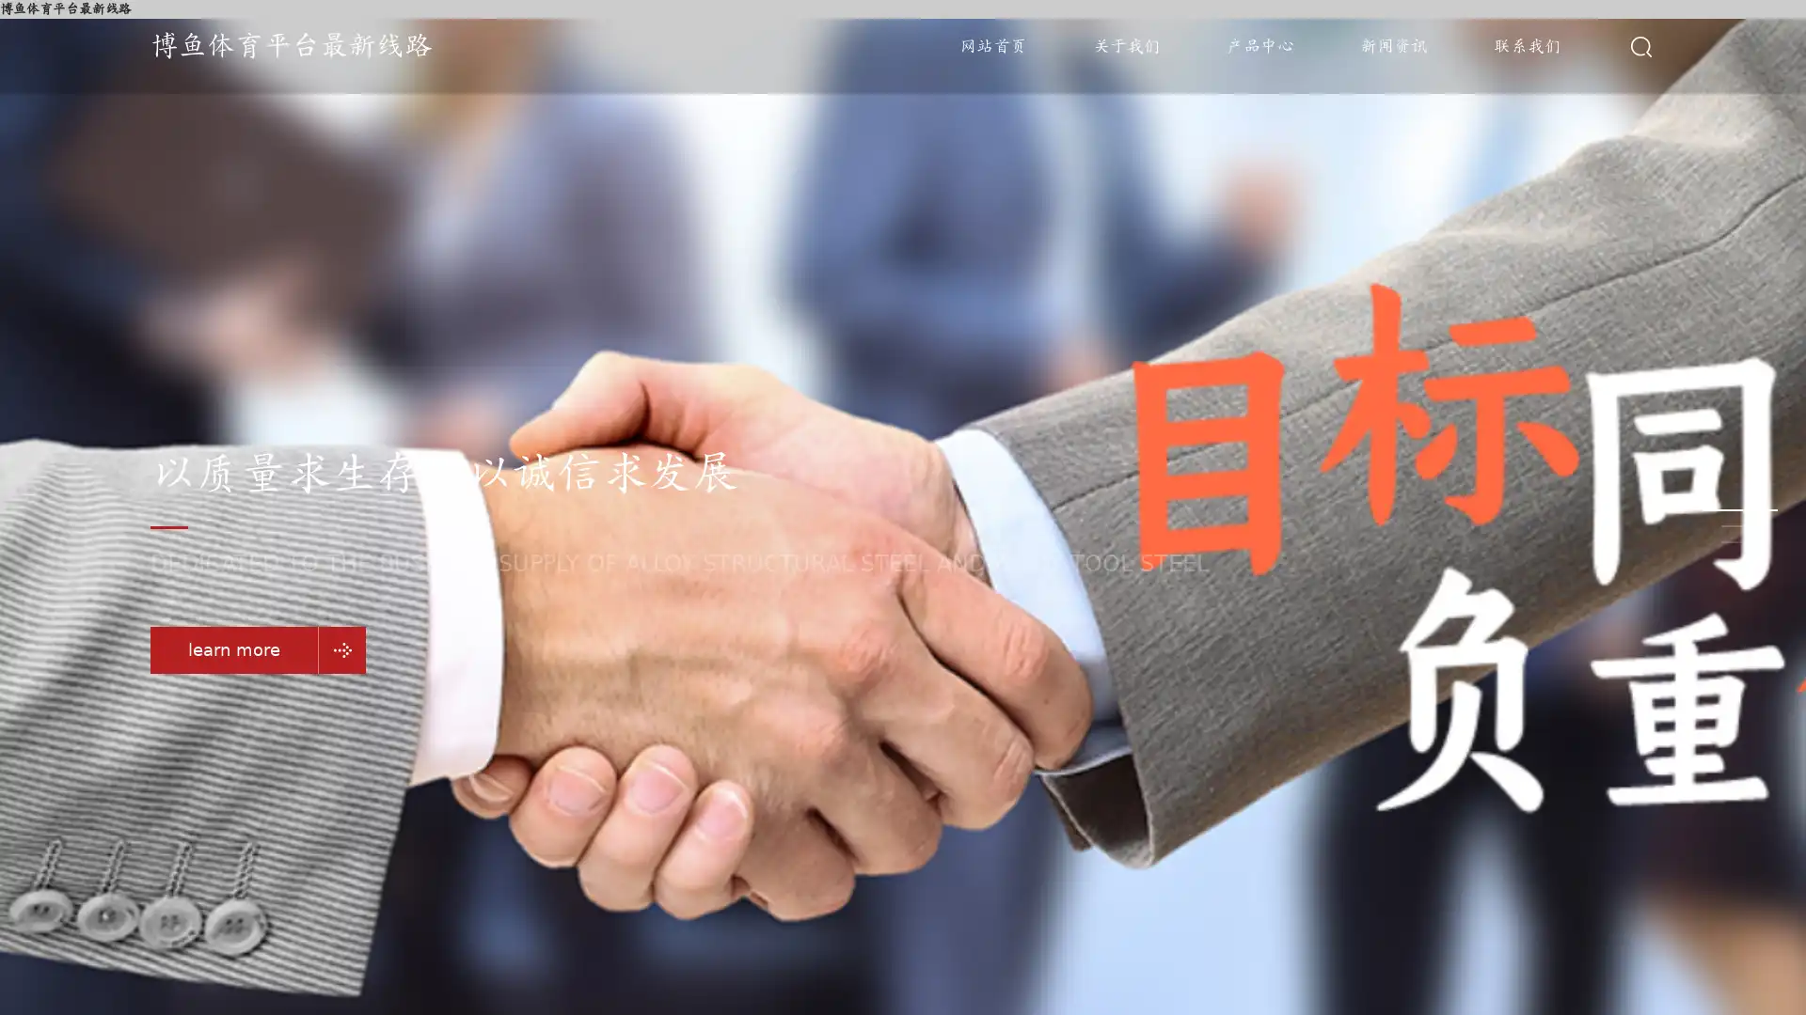  Describe the element at coordinates (1738, 510) in the screenshot. I see `Go to slide 1` at that location.